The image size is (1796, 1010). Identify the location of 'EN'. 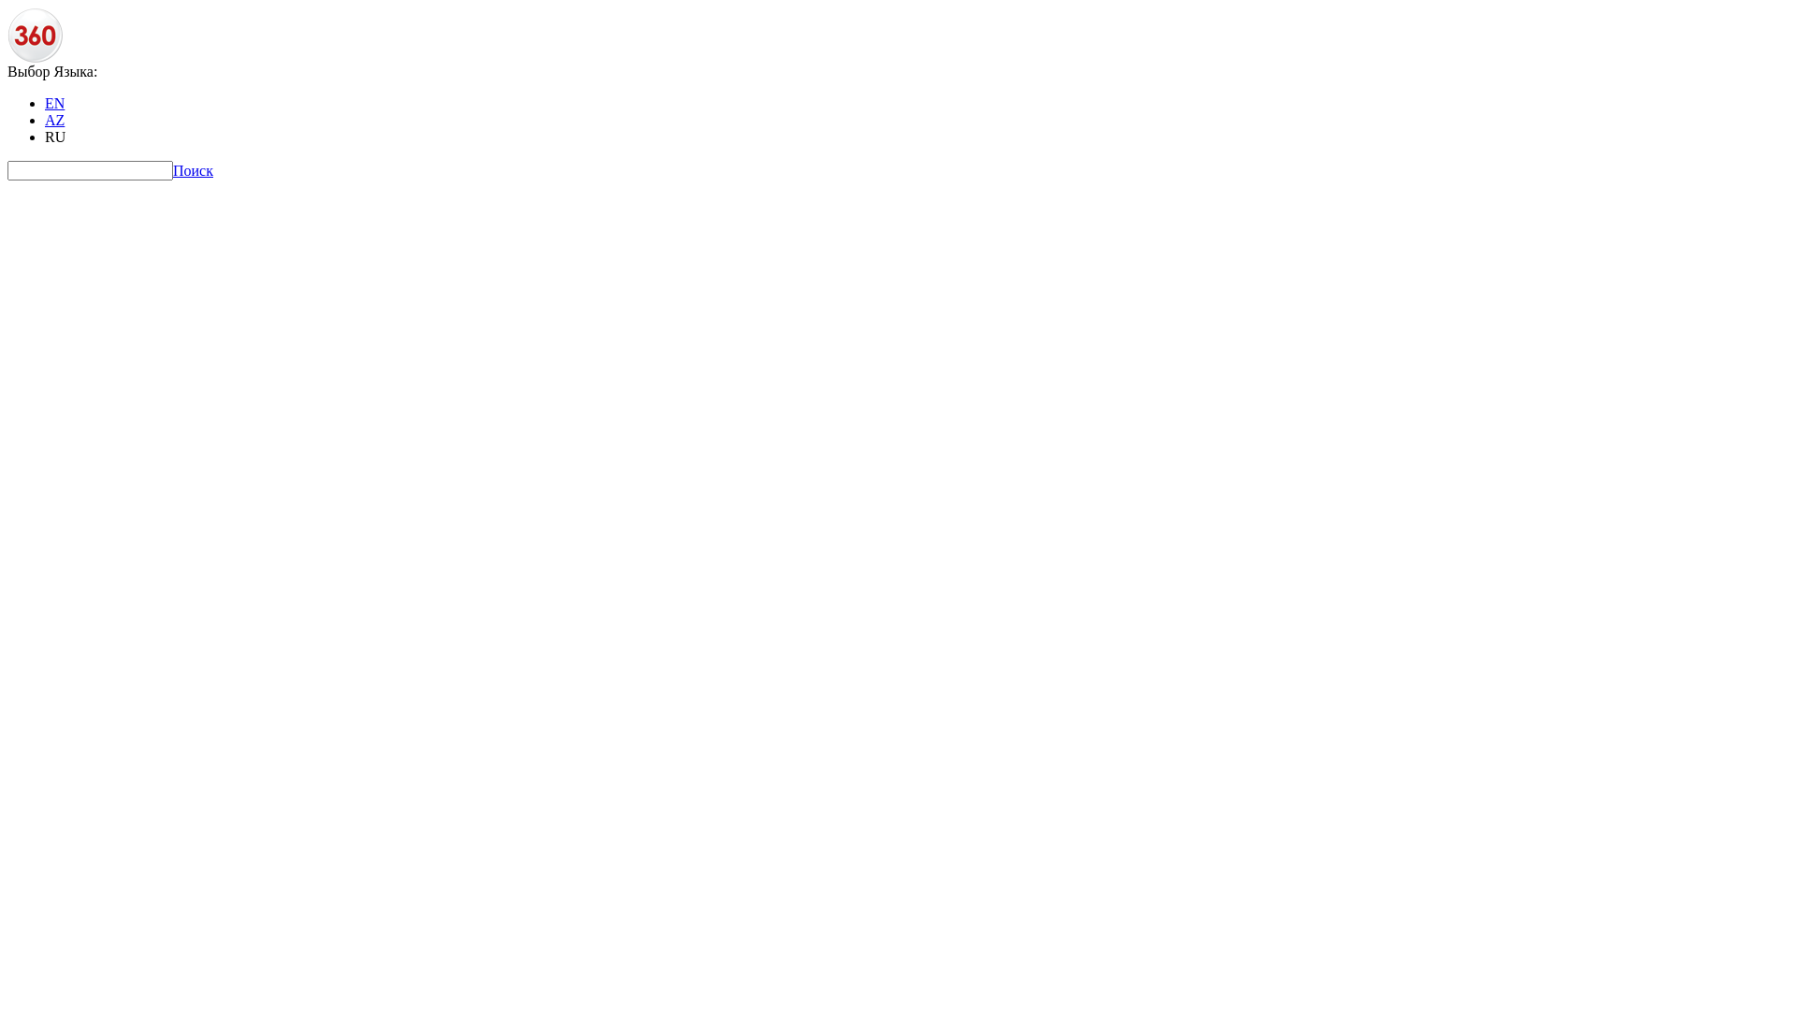
(54, 103).